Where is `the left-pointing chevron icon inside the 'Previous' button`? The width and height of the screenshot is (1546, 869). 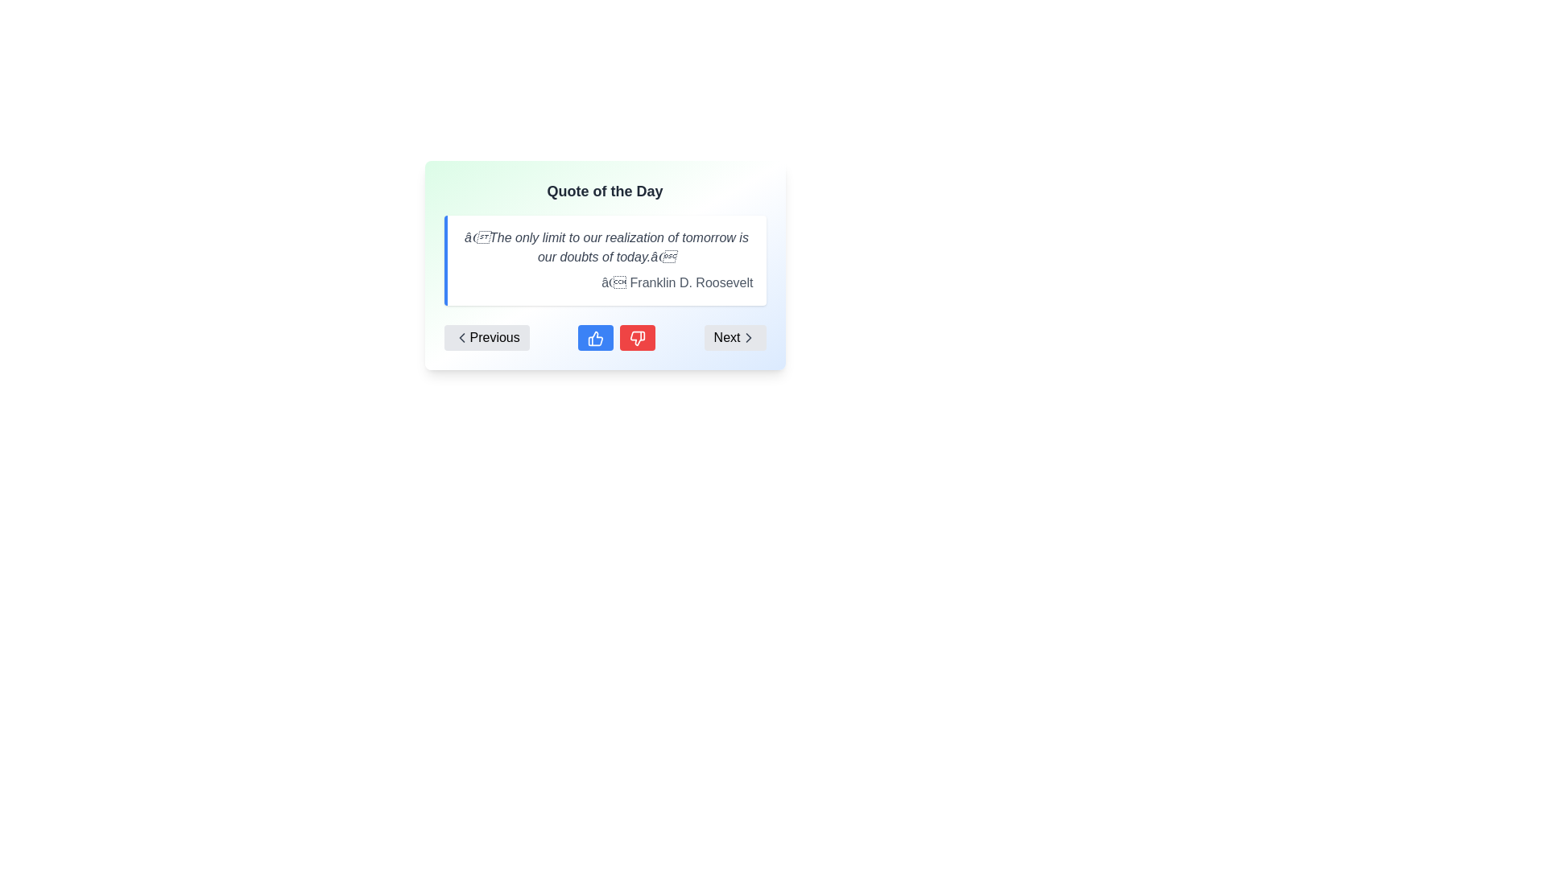
the left-pointing chevron icon inside the 'Previous' button is located at coordinates (461, 337).